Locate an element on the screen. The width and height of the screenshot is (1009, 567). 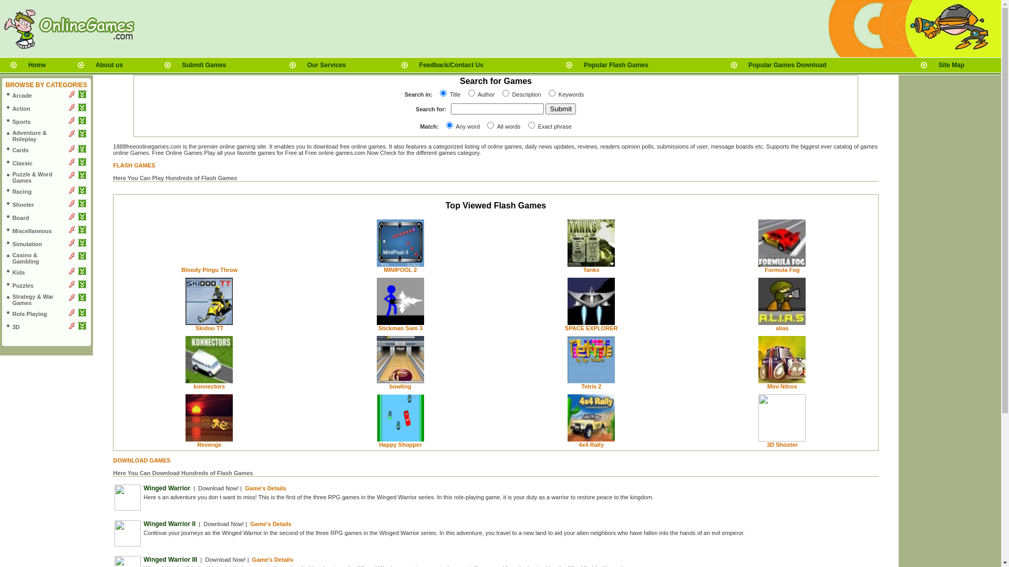
'Play Simulation Flash Games' is located at coordinates (71, 245).